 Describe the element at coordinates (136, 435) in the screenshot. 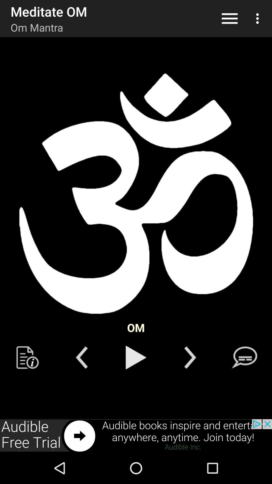

I see `click on the advertisement` at that location.